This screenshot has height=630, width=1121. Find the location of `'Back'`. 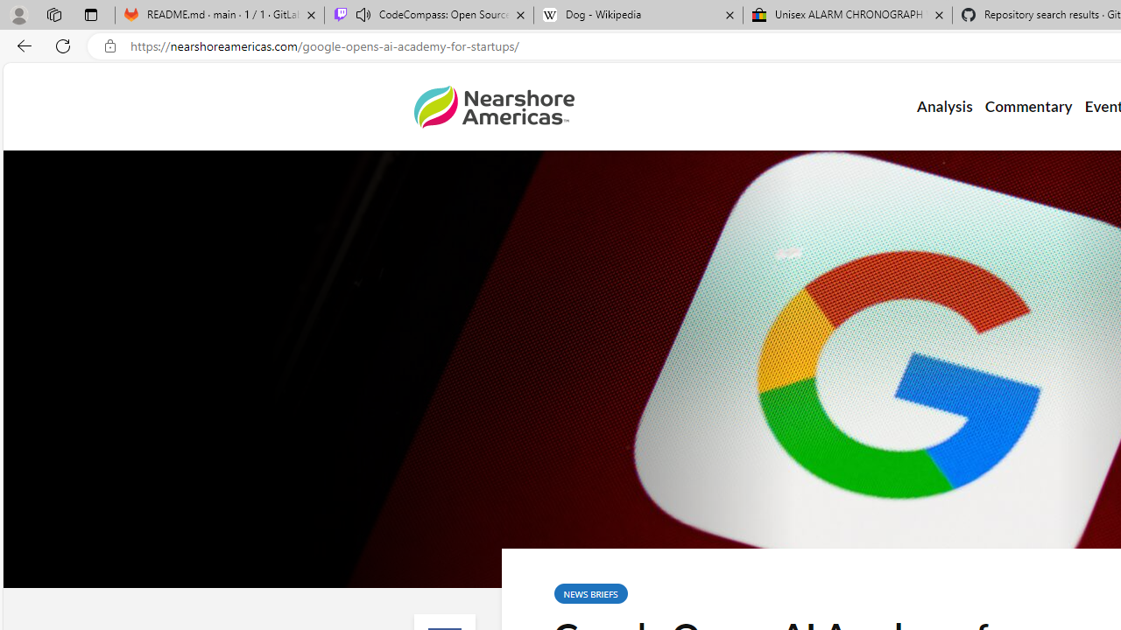

'Back' is located at coordinates (21, 45).